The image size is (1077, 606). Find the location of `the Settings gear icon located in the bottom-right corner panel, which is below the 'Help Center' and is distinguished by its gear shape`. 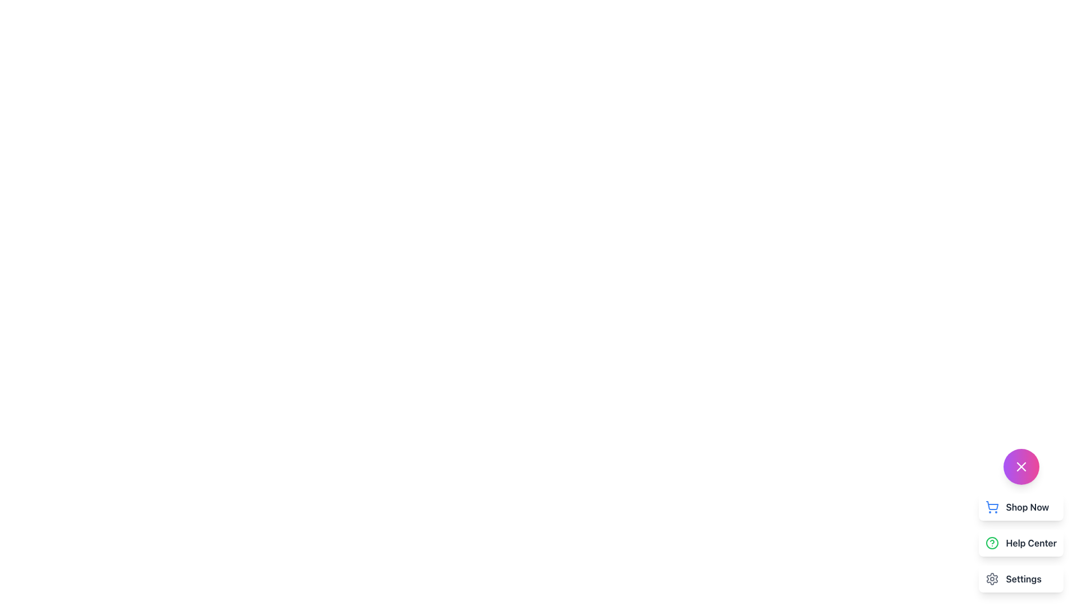

the Settings gear icon located in the bottom-right corner panel, which is below the 'Help Center' and is distinguished by its gear shape is located at coordinates (992, 579).